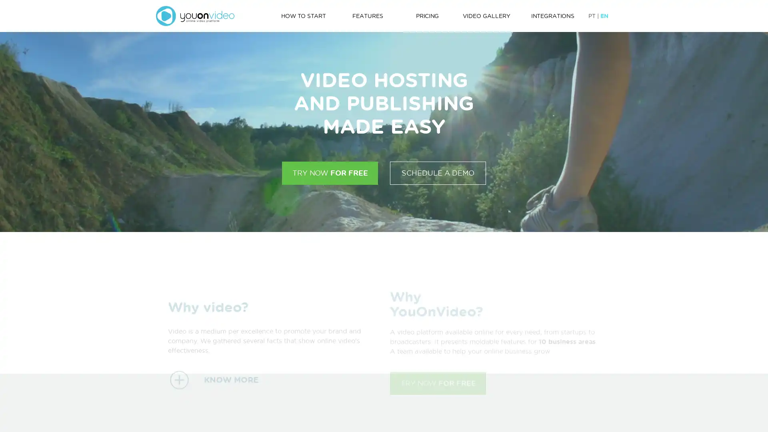 This screenshot has width=768, height=432. What do you see at coordinates (257, 340) in the screenshot?
I see `KNOW MORE` at bounding box center [257, 340].